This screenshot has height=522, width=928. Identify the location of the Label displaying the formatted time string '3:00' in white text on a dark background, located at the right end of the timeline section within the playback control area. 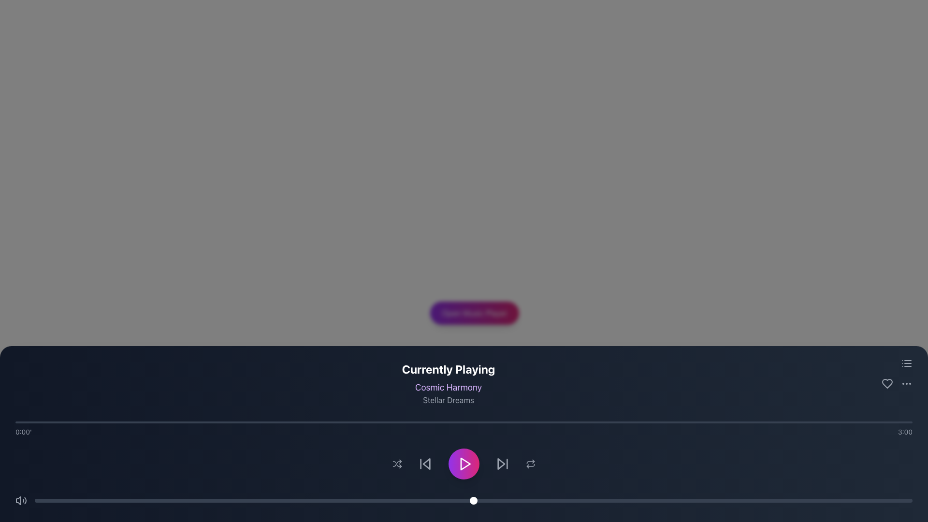
(904, 432).